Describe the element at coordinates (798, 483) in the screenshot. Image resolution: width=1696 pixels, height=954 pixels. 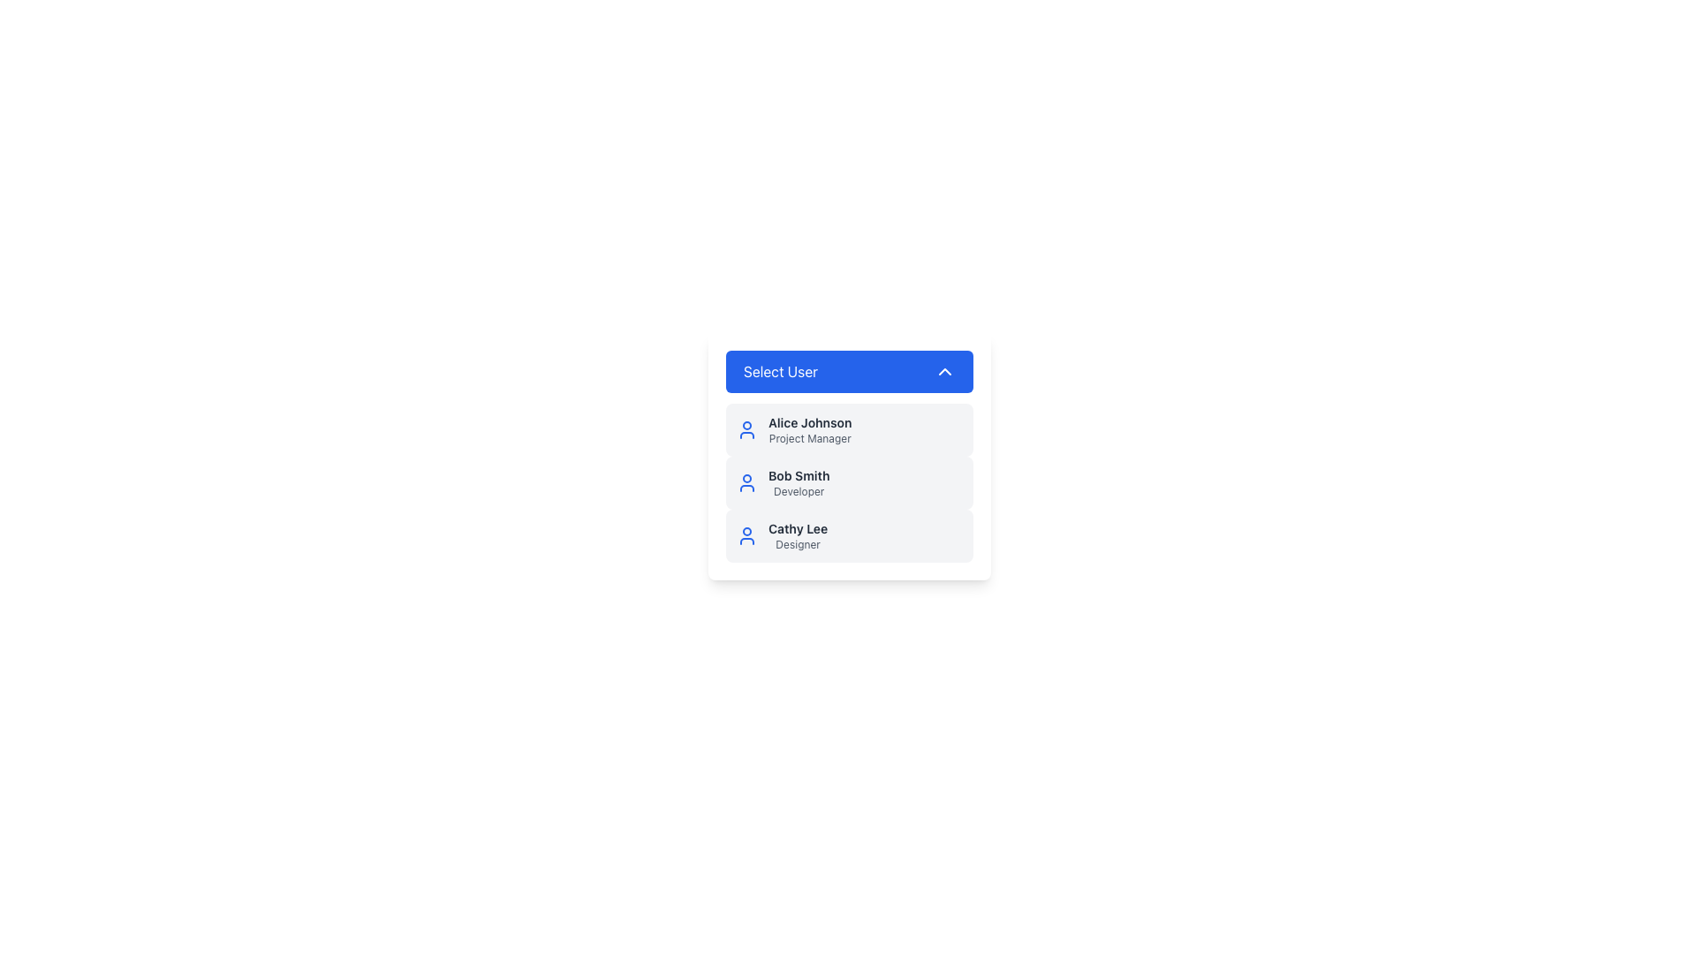
I see `the second item in the dropdown list containing rich text` at that location.